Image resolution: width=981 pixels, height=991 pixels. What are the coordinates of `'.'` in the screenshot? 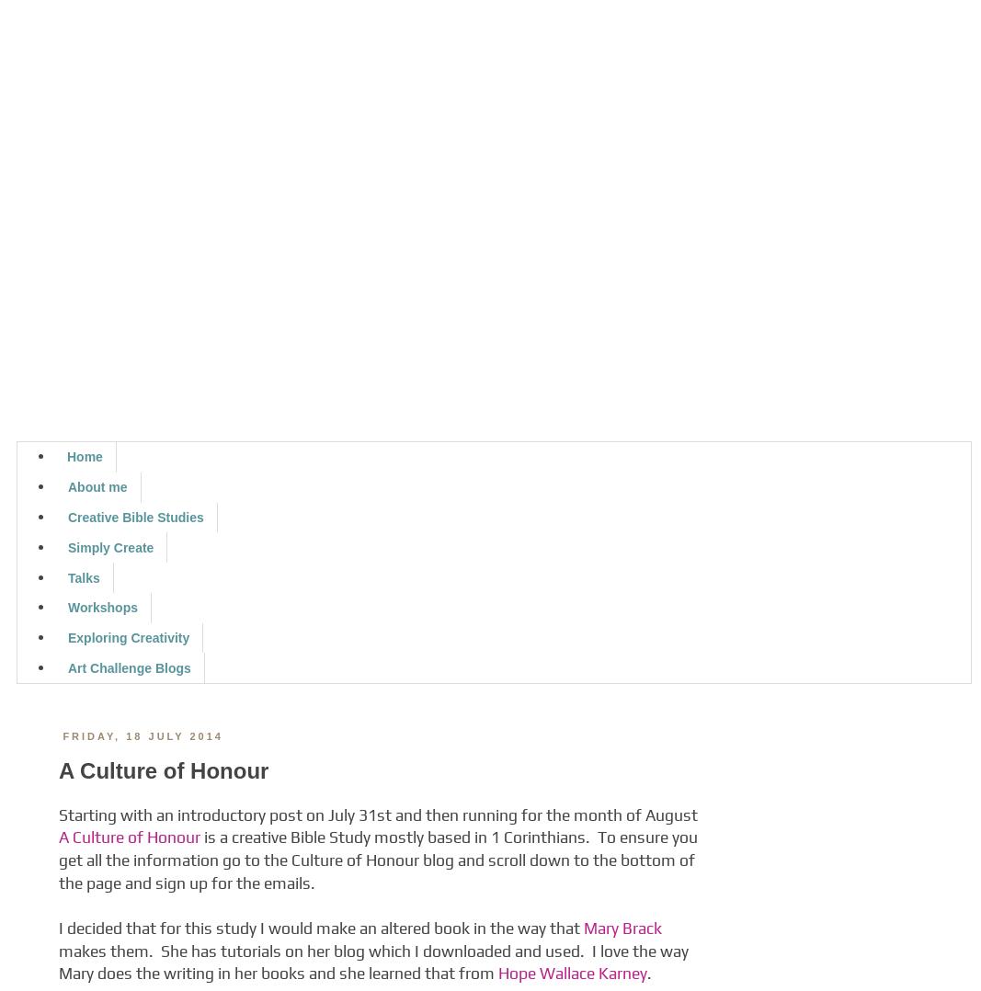 It's located at (647, 974).